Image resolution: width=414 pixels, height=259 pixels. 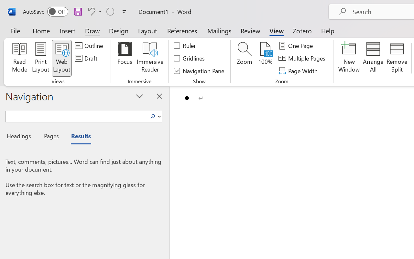 What do you see at coordinates (397, 58) in the screenshot?
I see `'Remove Split'` at bounding box center [397, 58].